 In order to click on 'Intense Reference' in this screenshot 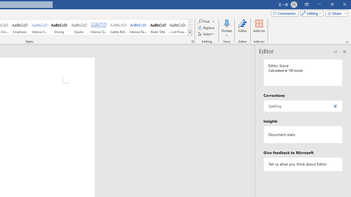, I will do `click(138, 27)`.